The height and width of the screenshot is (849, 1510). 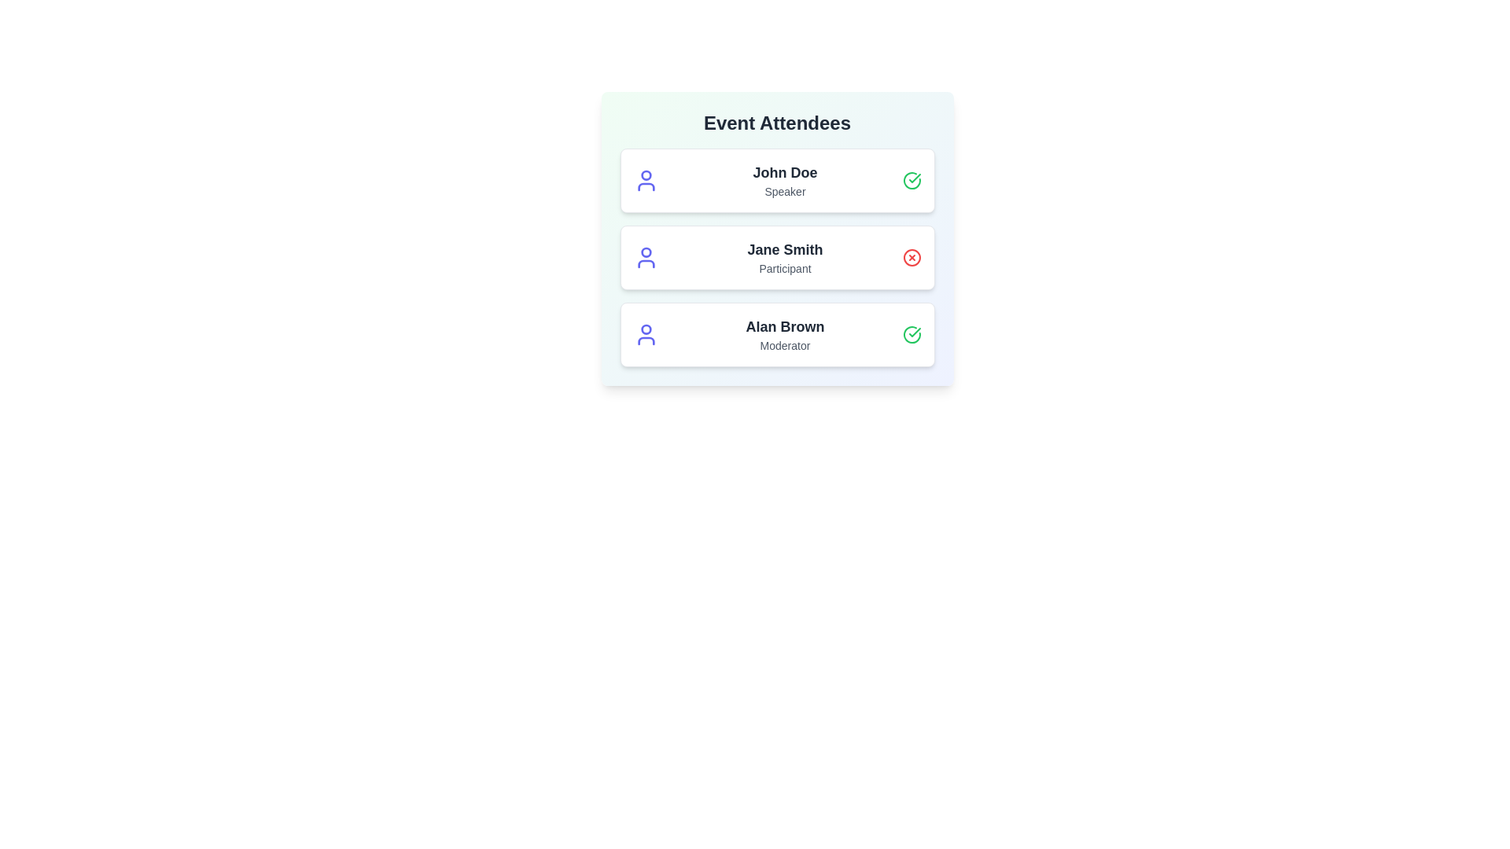 I want to click on the attendee card for Jane Smith, so click(x=777, y=256).